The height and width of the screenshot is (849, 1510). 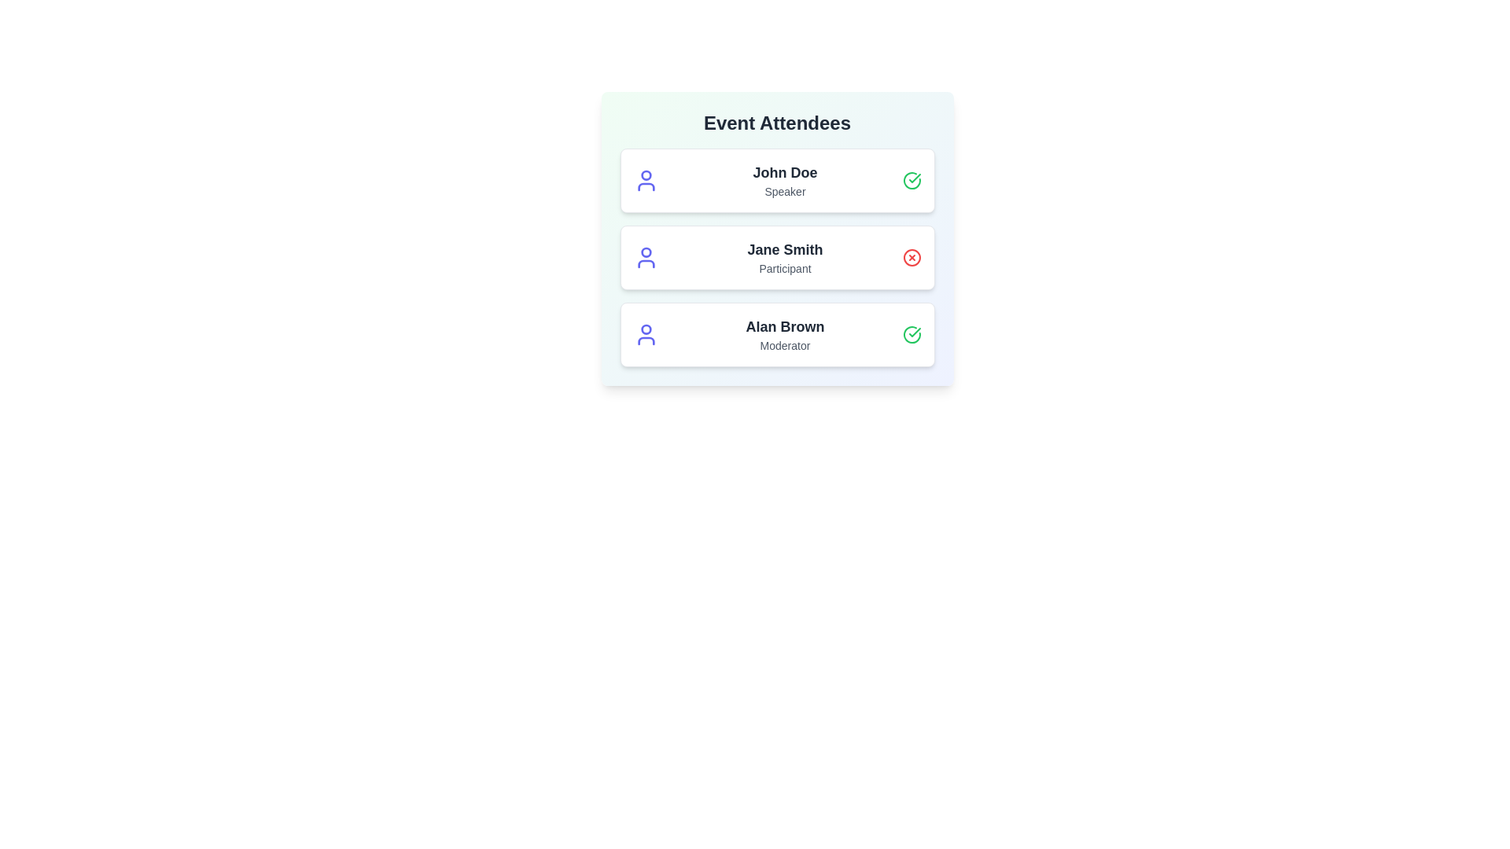 I want to click on the attendee card for Jane Smith, so click(x=777, y=256).